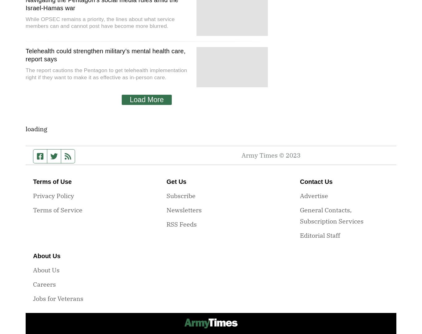  I want to click on 'RSS Feeds', so click(181, 224).